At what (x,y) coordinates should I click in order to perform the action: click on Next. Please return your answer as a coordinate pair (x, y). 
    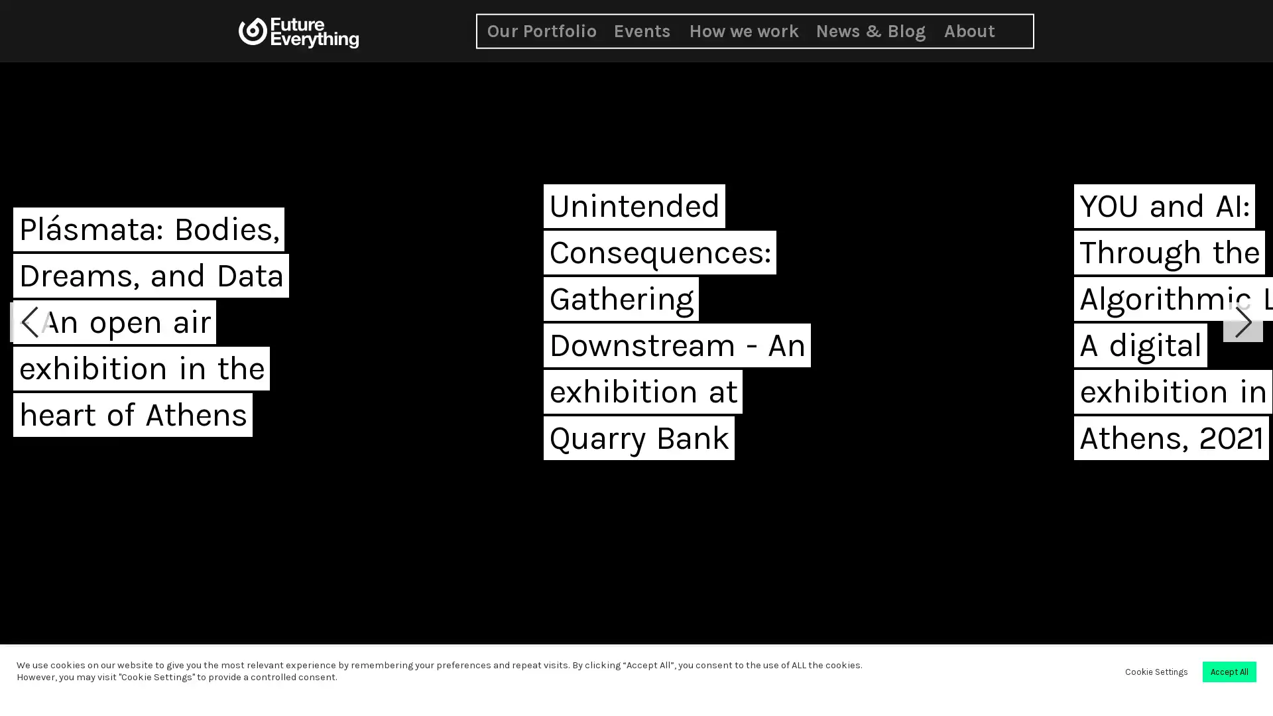
    Looking at the image, I should click on (1243, 322).